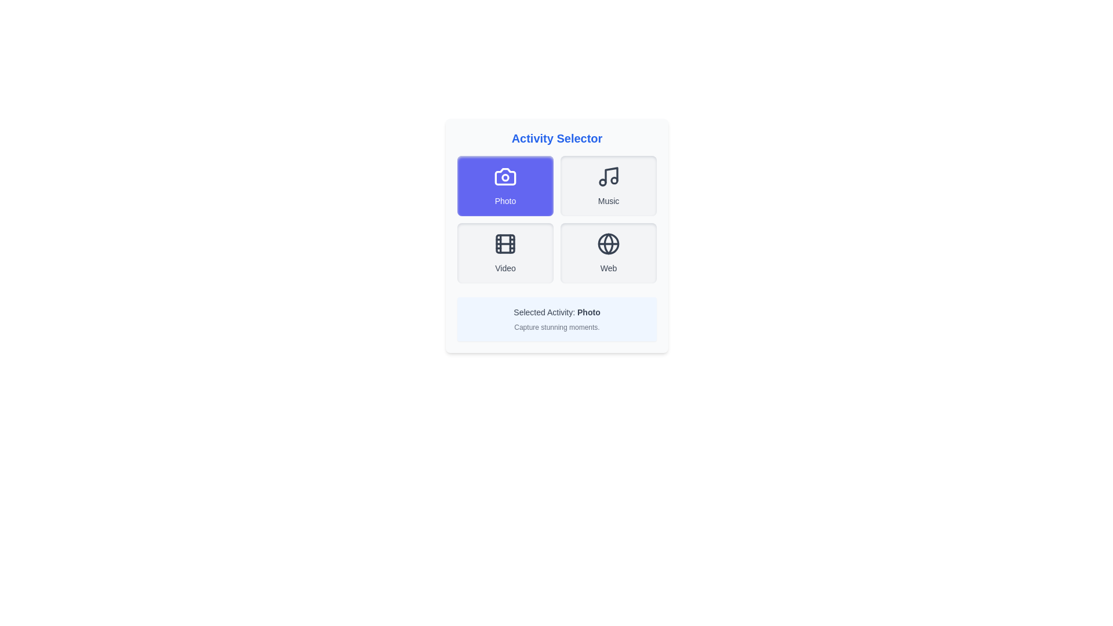 This screenshot has height=626, width=1113. Describe the element at coordinates (505, 252) in the screenshot. I see `the 'Video' button` at that location.